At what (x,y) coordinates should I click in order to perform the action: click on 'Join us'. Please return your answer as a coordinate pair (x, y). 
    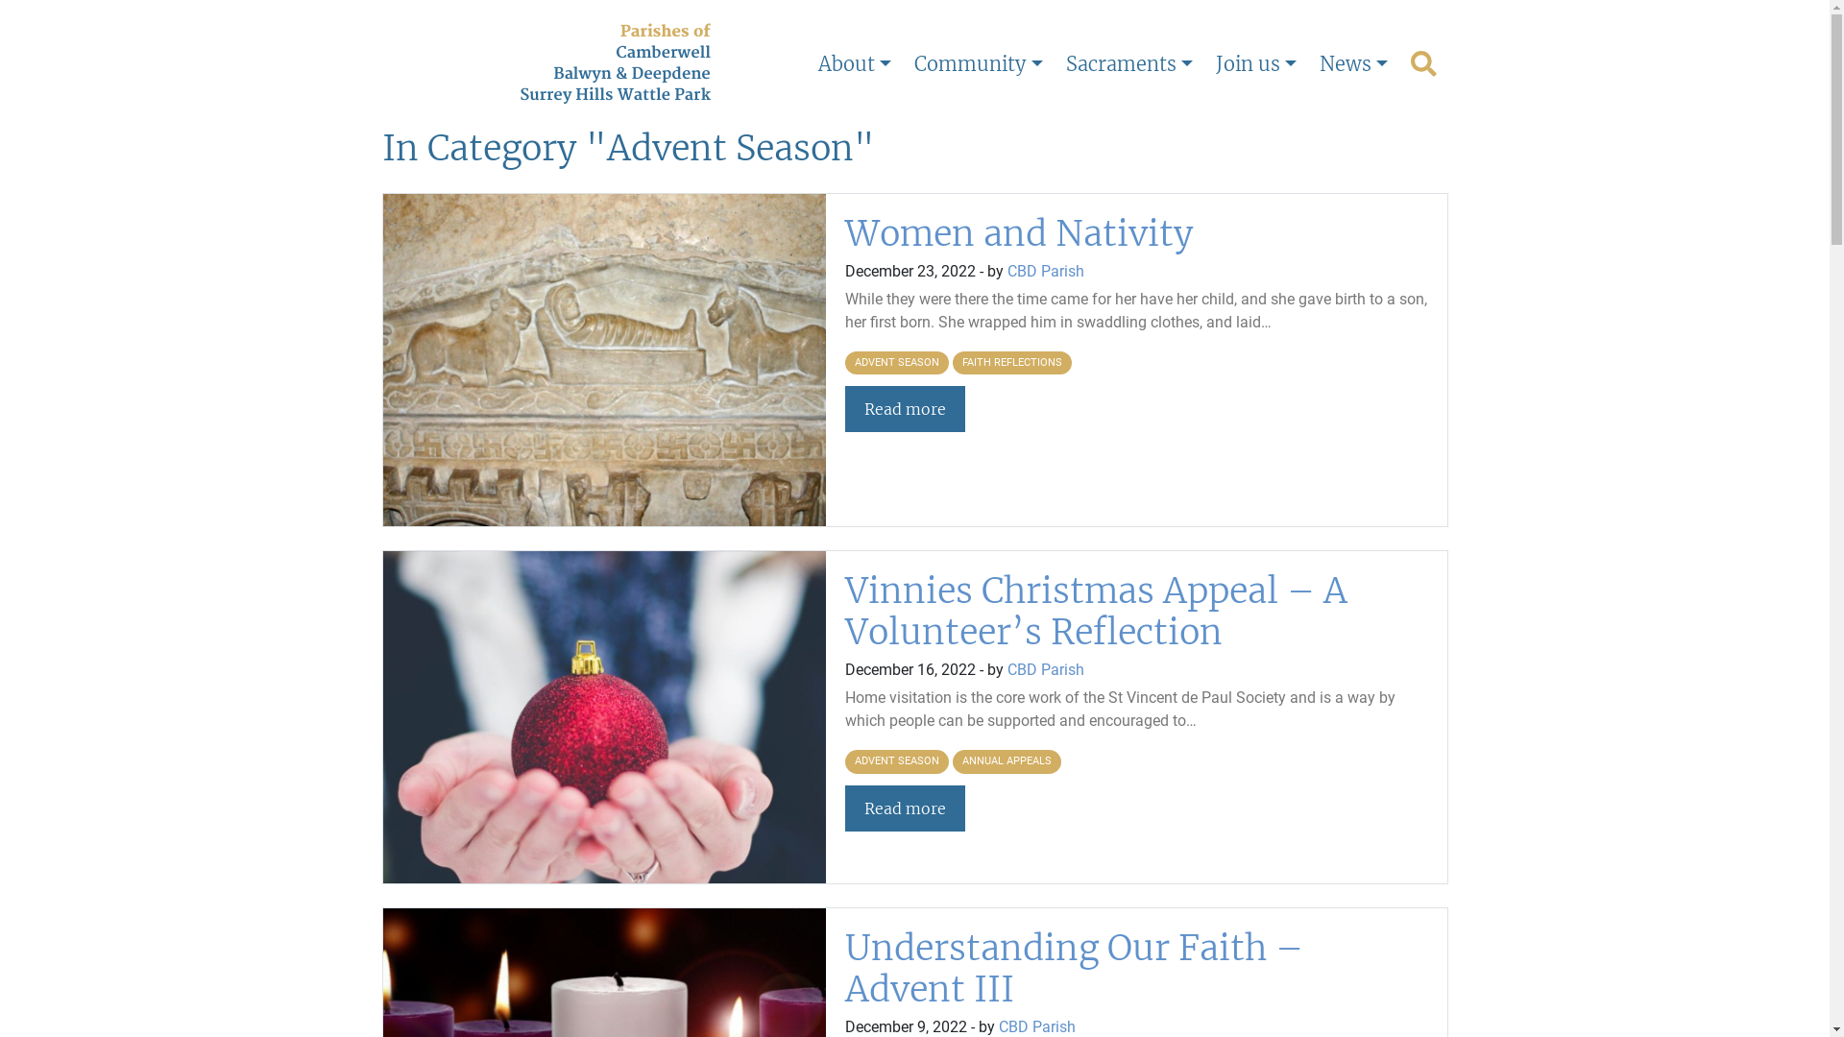
    Looking at the image, I should click on (1255, 62).